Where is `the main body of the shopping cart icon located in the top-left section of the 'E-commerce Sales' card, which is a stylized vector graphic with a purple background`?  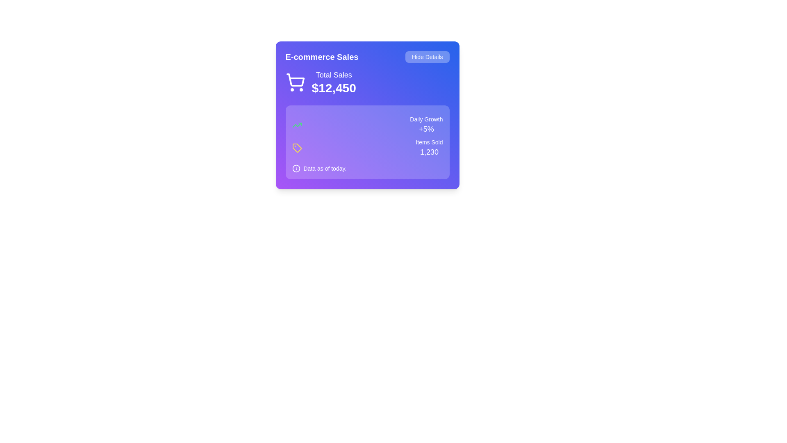
the main body of the shopping cart icon located in the top-left section of the 'E-commerce Sales' card, which is a stylized vector graphic with a purple background is located at coordinates (295, 80).